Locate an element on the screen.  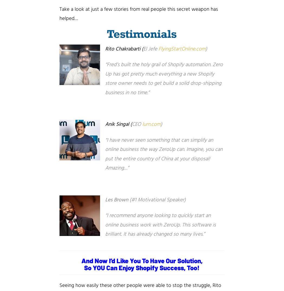
'lurn.com' is located at coordinates (151, 124).